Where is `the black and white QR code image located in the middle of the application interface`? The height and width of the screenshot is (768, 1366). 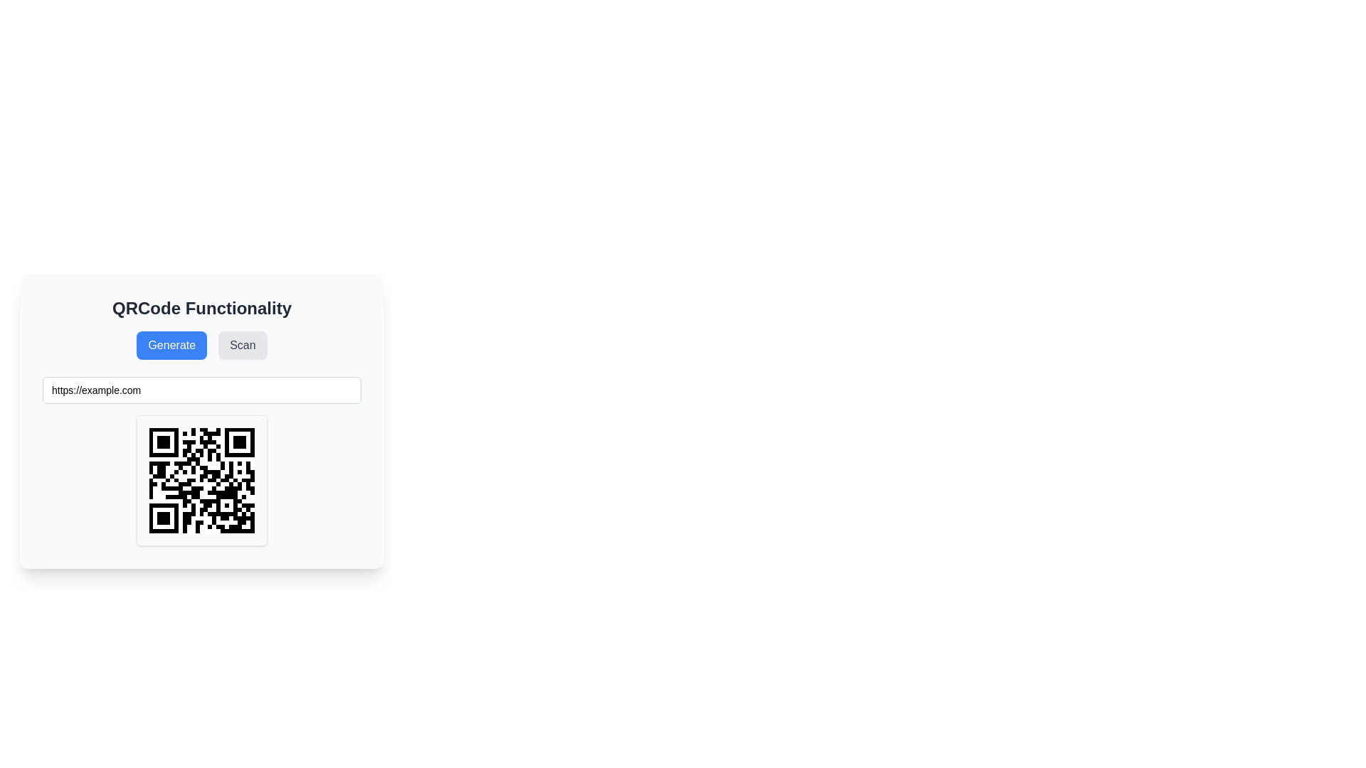 the black and white QR code image located in the middle of the application interface is located at coordinates (201, 480).